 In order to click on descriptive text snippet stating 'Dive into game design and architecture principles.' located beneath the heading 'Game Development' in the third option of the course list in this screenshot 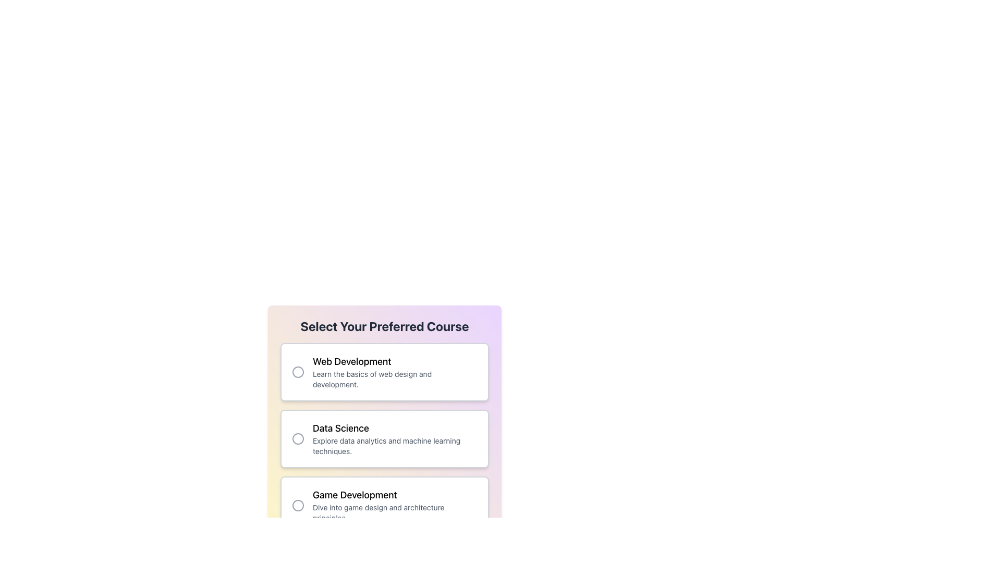, I will do `click(395, 512)`.